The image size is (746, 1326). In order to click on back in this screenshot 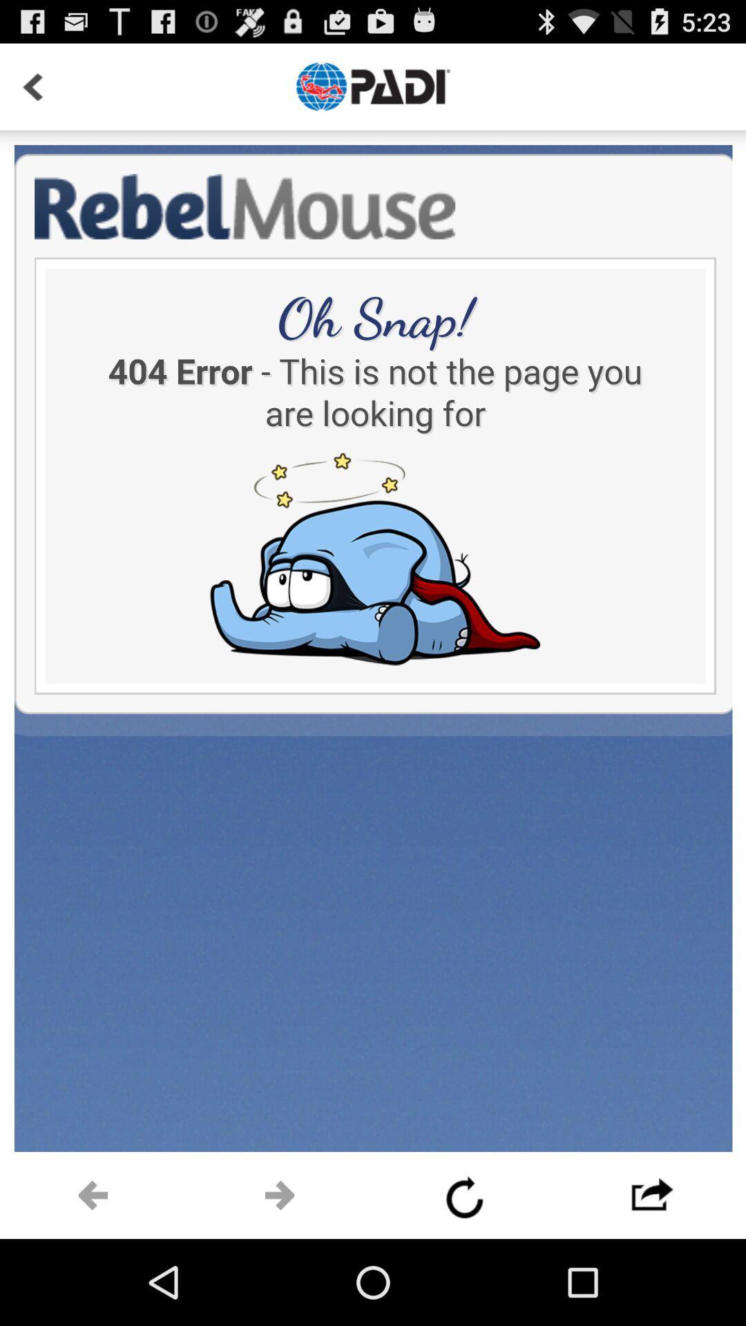, I will do `click(32, 86)`.